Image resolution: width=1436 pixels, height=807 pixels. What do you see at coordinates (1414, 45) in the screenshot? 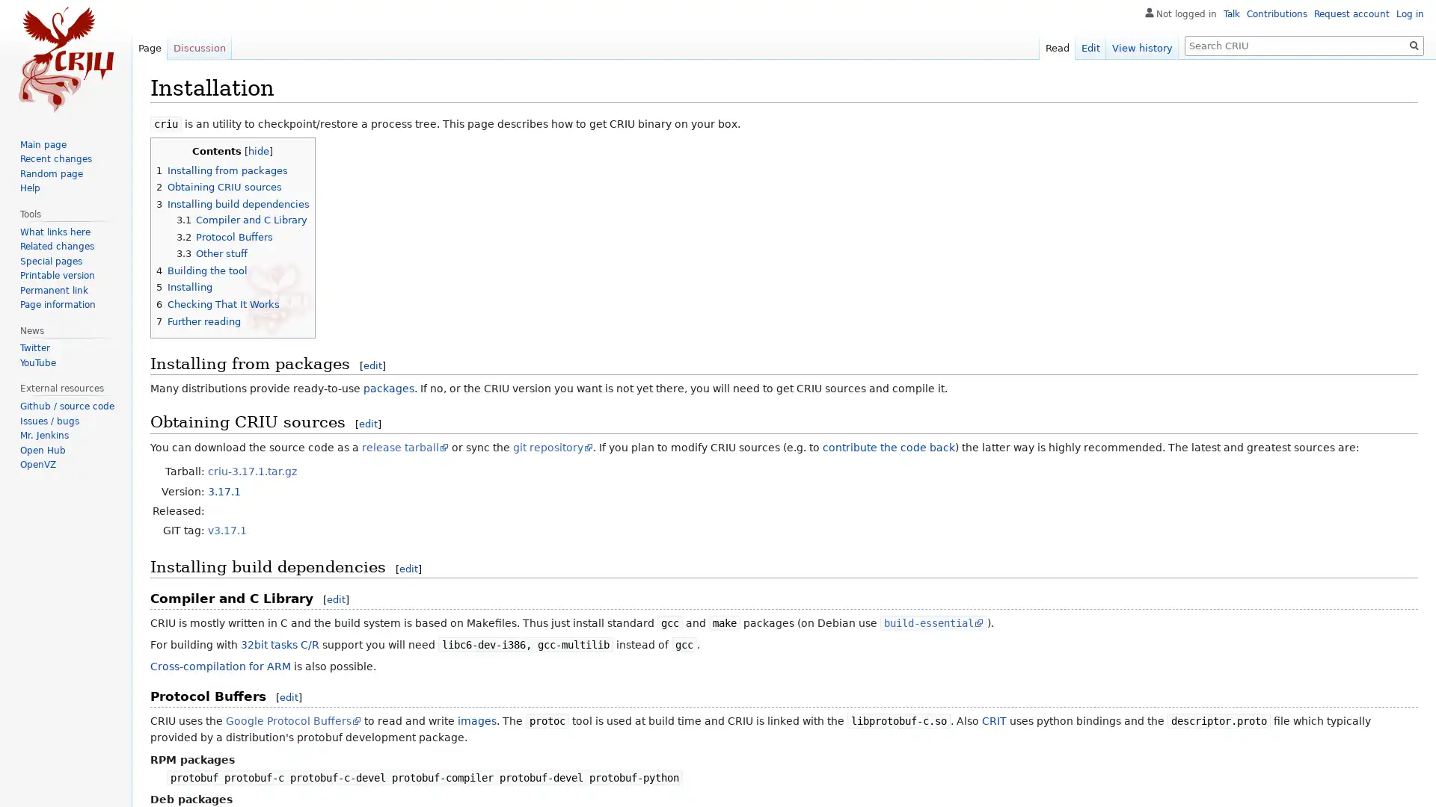
I see `Search` at bounding box center [1414, 45].